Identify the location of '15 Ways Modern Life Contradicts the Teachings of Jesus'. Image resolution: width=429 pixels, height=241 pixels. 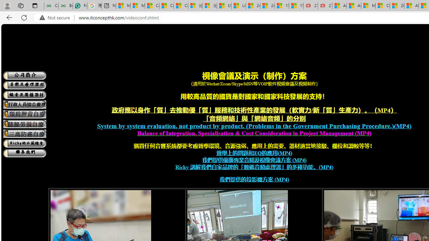
(296, 6).